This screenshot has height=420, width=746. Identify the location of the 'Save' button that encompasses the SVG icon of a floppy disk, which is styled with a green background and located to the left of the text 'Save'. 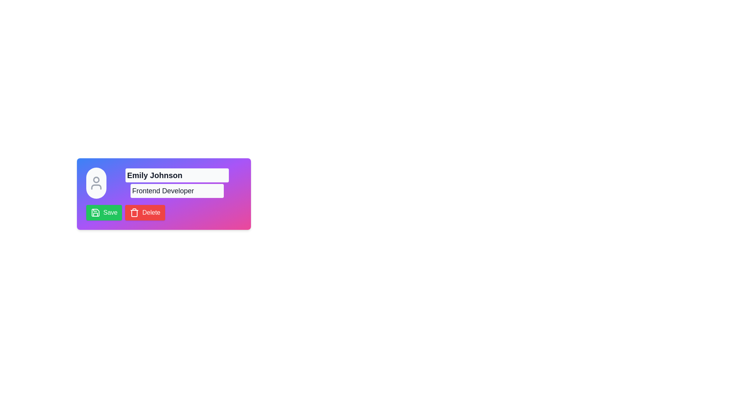
(95, 213).